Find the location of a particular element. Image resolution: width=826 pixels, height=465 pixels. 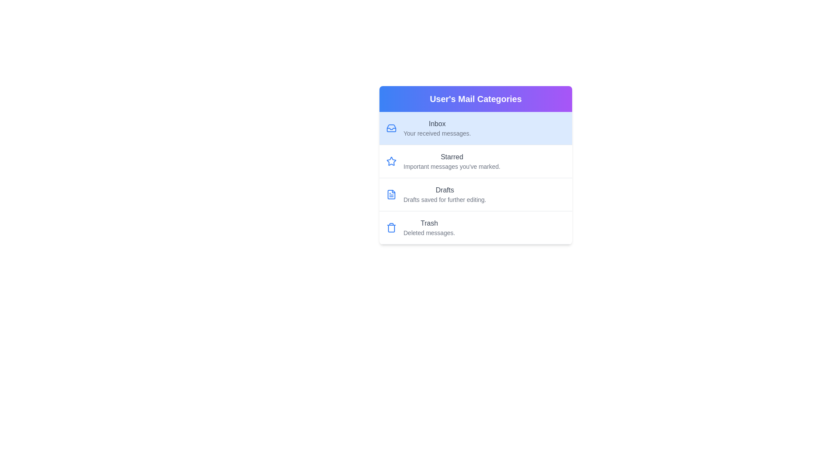

the mail category item Trash is located at coordinates (475, 227).